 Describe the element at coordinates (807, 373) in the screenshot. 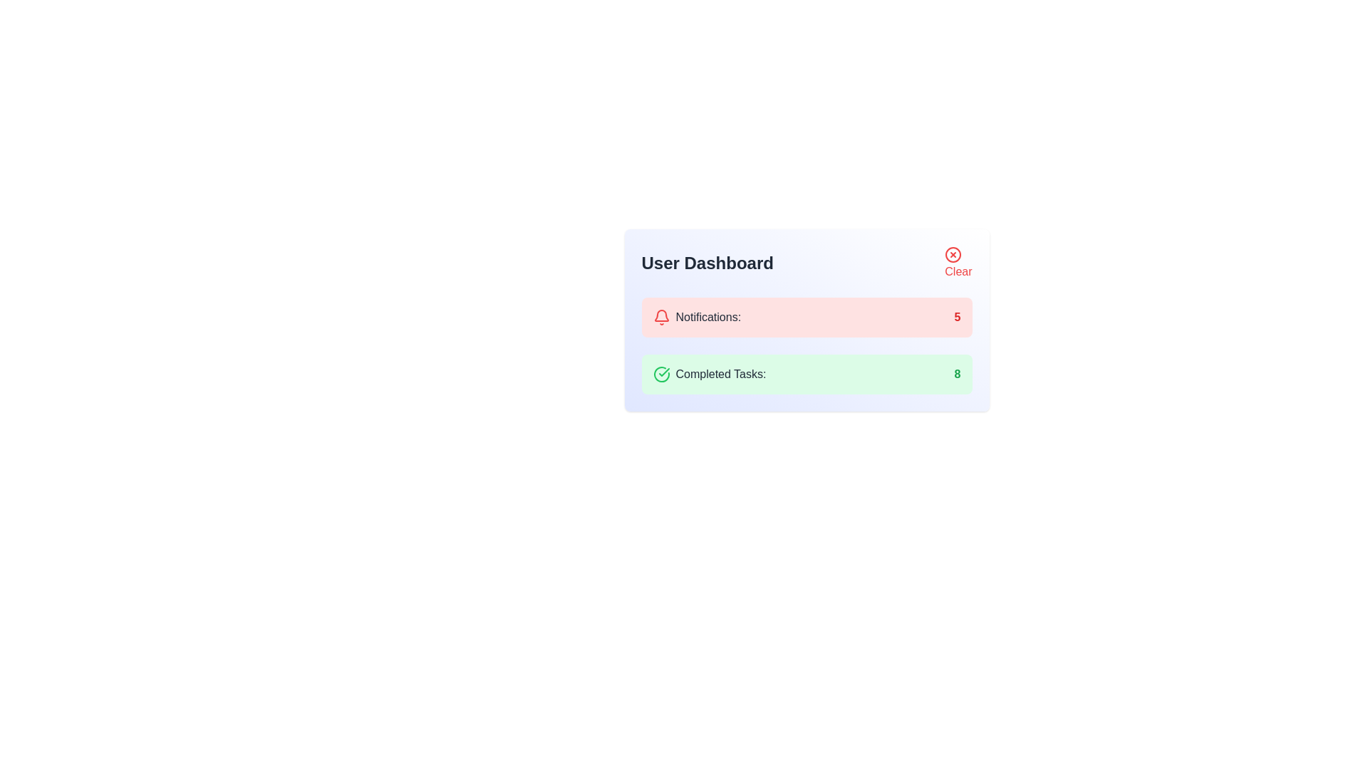

I see `the Informational bar with a light green background that displays 'Completed Tasks:' and the number '8' in bold green font, located below the 'Notifications' bar in the User Dashboard` at that location.